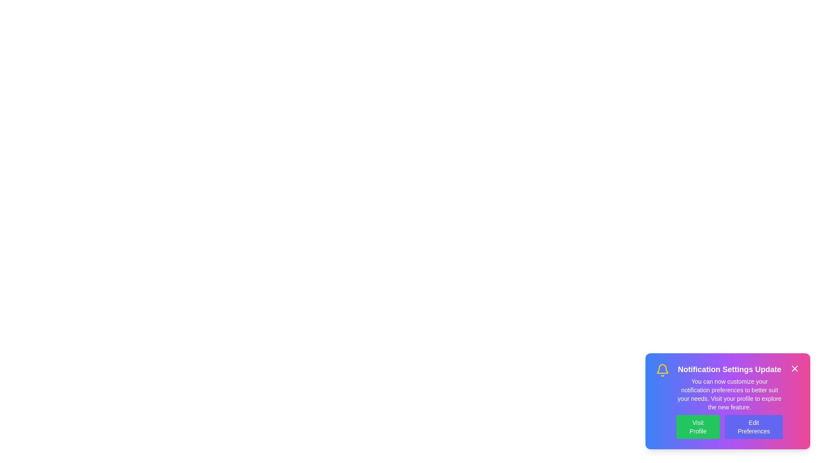  I want to click on the close button (X) to dismiss the snackbar, so click(794, 368).